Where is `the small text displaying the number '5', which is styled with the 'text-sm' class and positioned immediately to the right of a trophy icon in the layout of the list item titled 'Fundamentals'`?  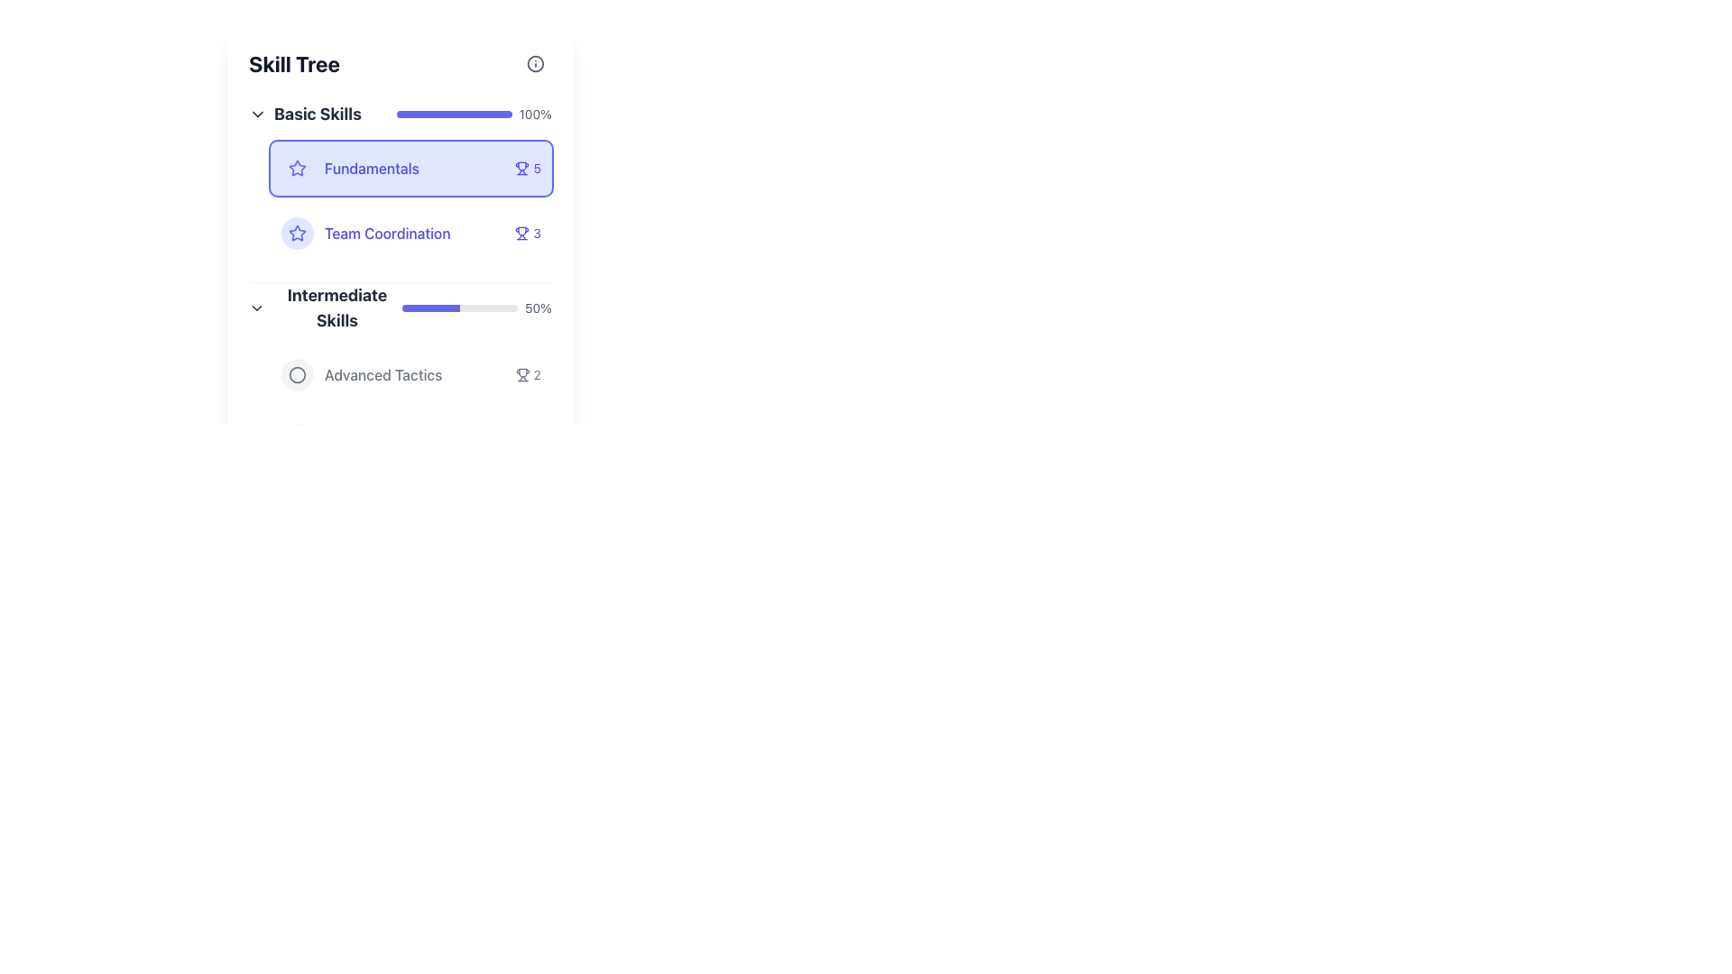 the small text displaying the number '5', which is styled with the 'text-sm' class and positioned immediately to the right of a trophy icon in the layout of the list item titled 'Fundamentals' is located at coordinates (536, 168).